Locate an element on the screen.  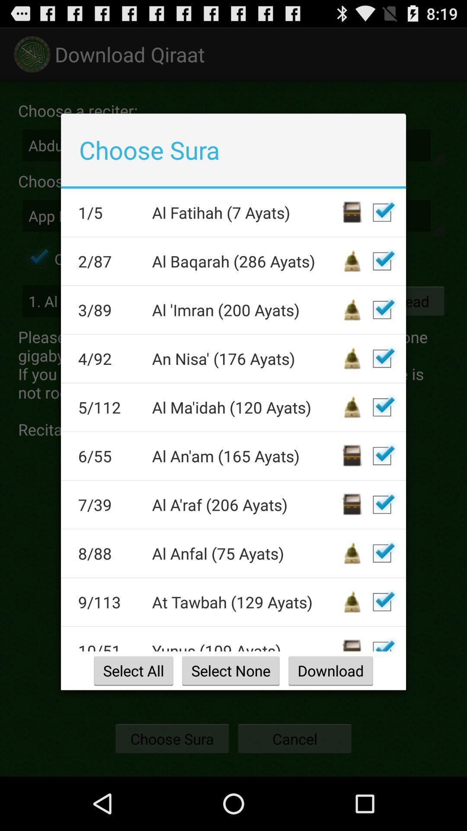
the icon to the left of select none is located at coordinates (133, 670).